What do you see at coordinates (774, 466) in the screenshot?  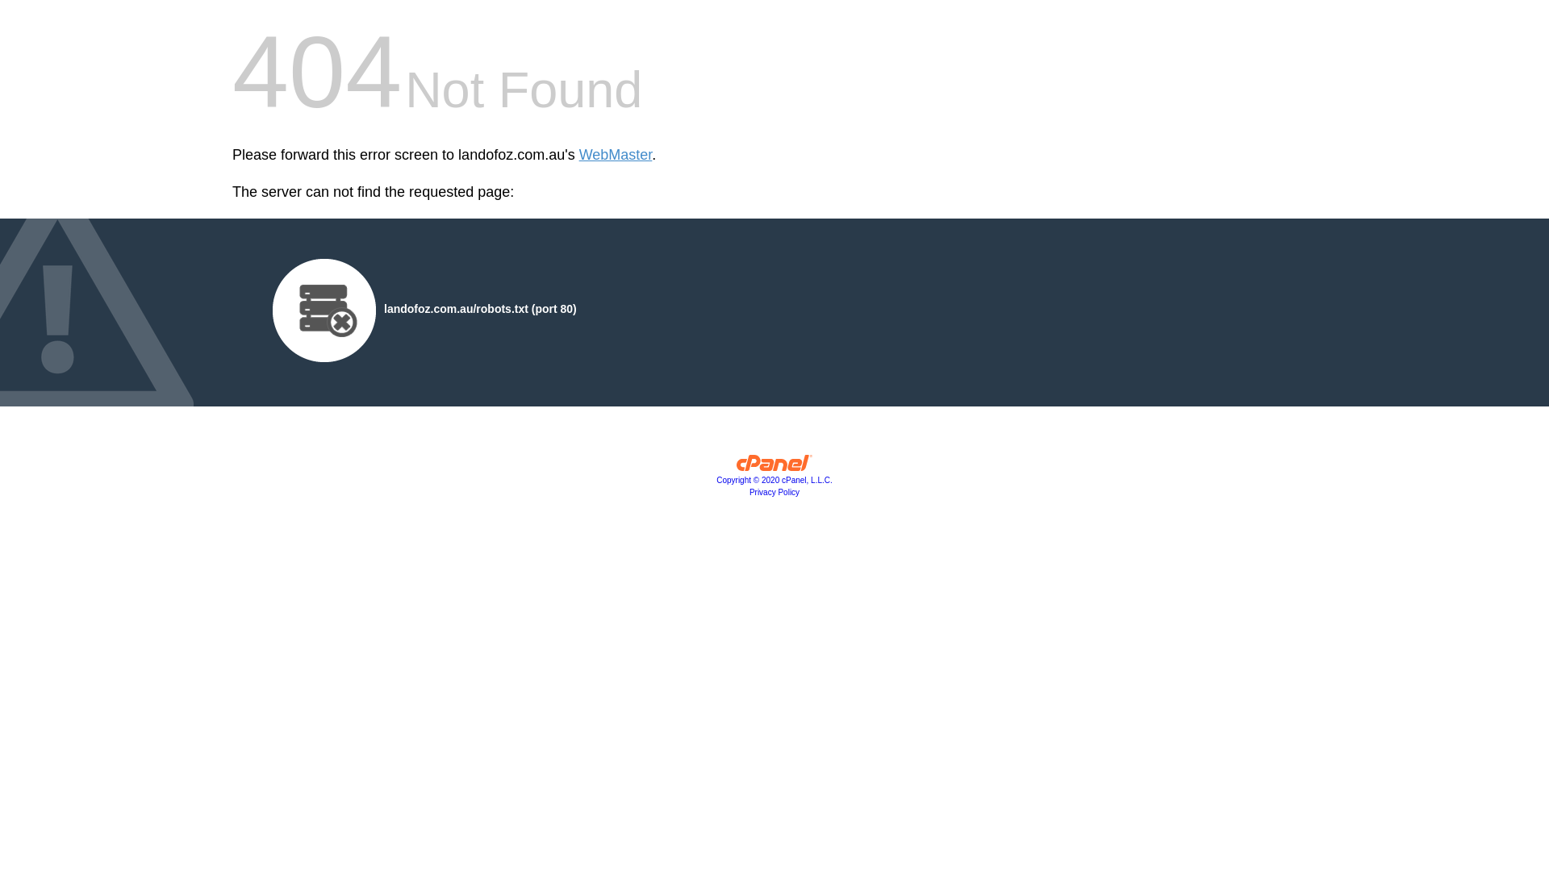 I see `'cPanel, Inc.'` at bounding box center [774, 466].